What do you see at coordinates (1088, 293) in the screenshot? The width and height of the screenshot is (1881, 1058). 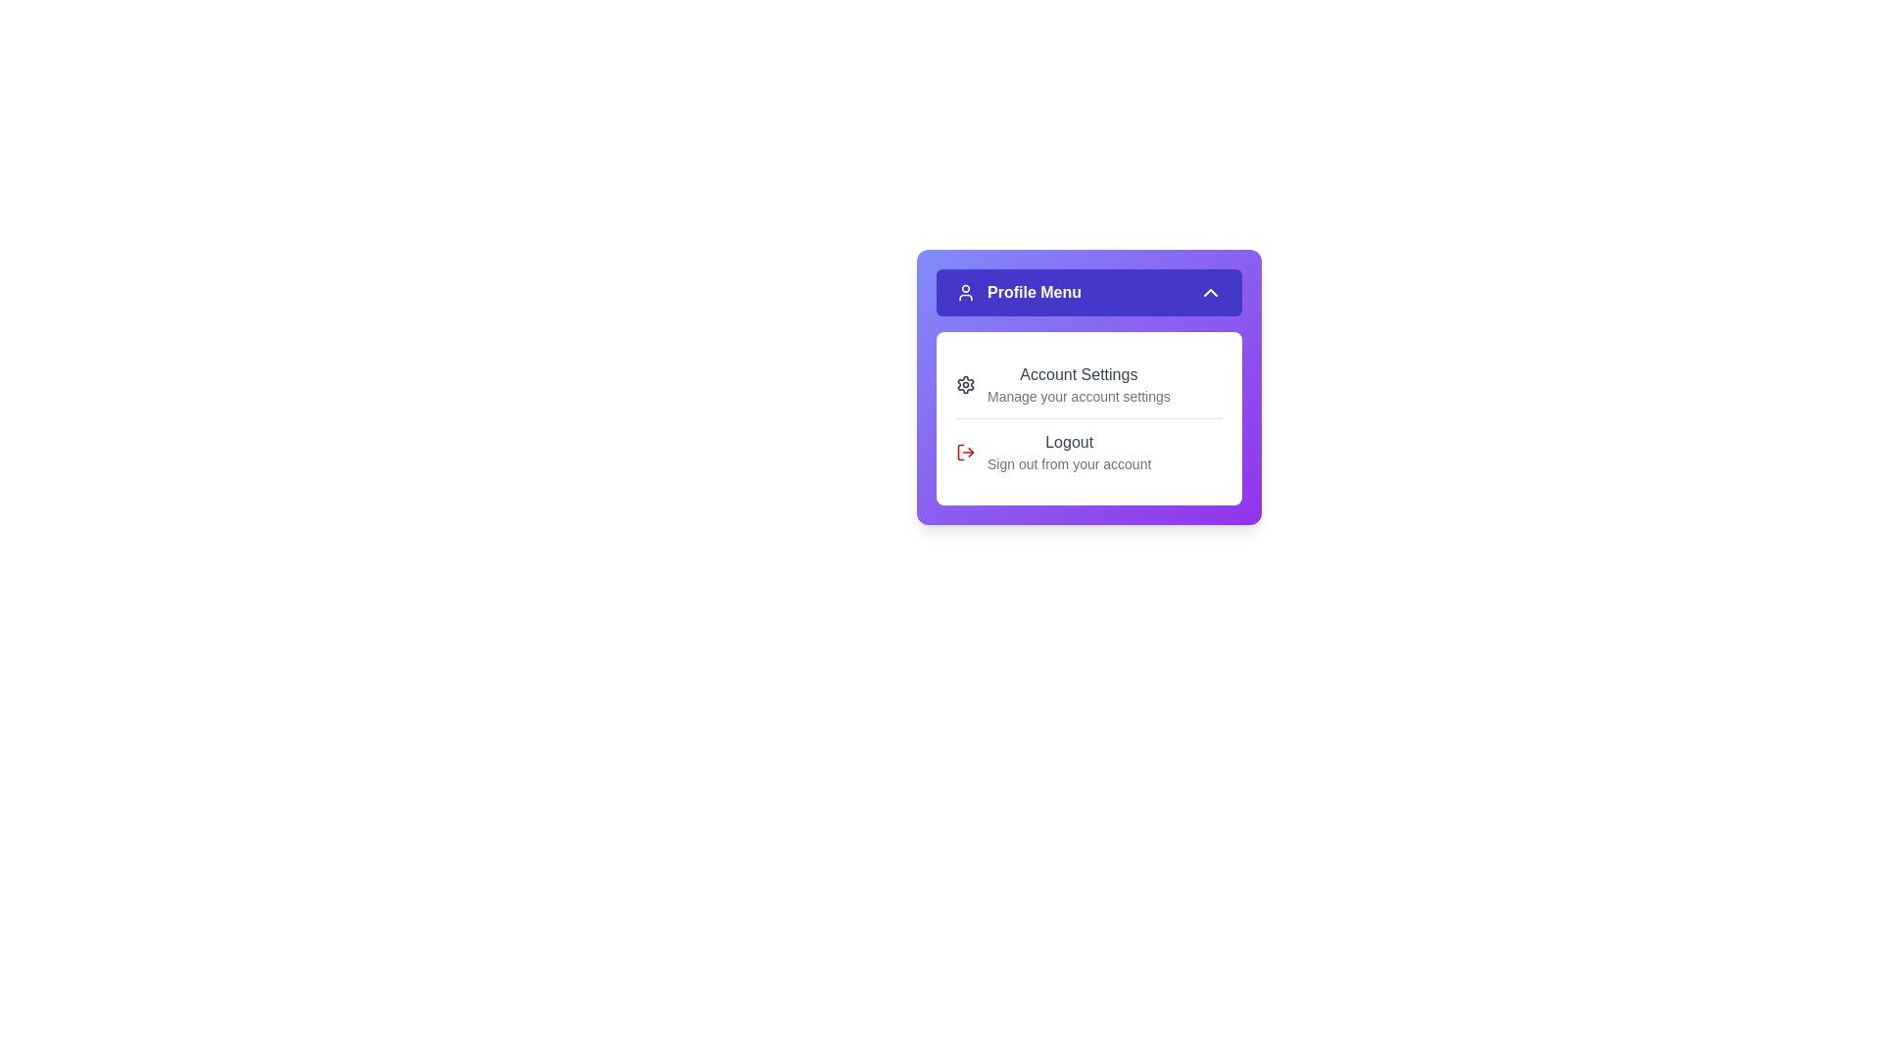 I see `the Profile Menu button to toggle the menu` at bounding box center [1088, 293].